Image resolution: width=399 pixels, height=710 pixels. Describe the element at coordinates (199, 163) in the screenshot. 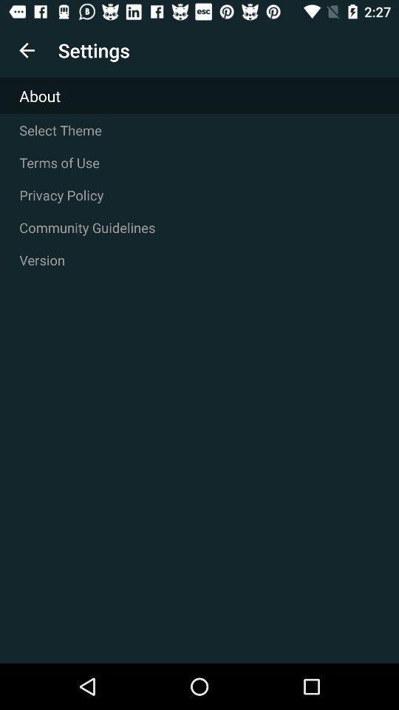

I see `the icon below the select theme item` at that location.